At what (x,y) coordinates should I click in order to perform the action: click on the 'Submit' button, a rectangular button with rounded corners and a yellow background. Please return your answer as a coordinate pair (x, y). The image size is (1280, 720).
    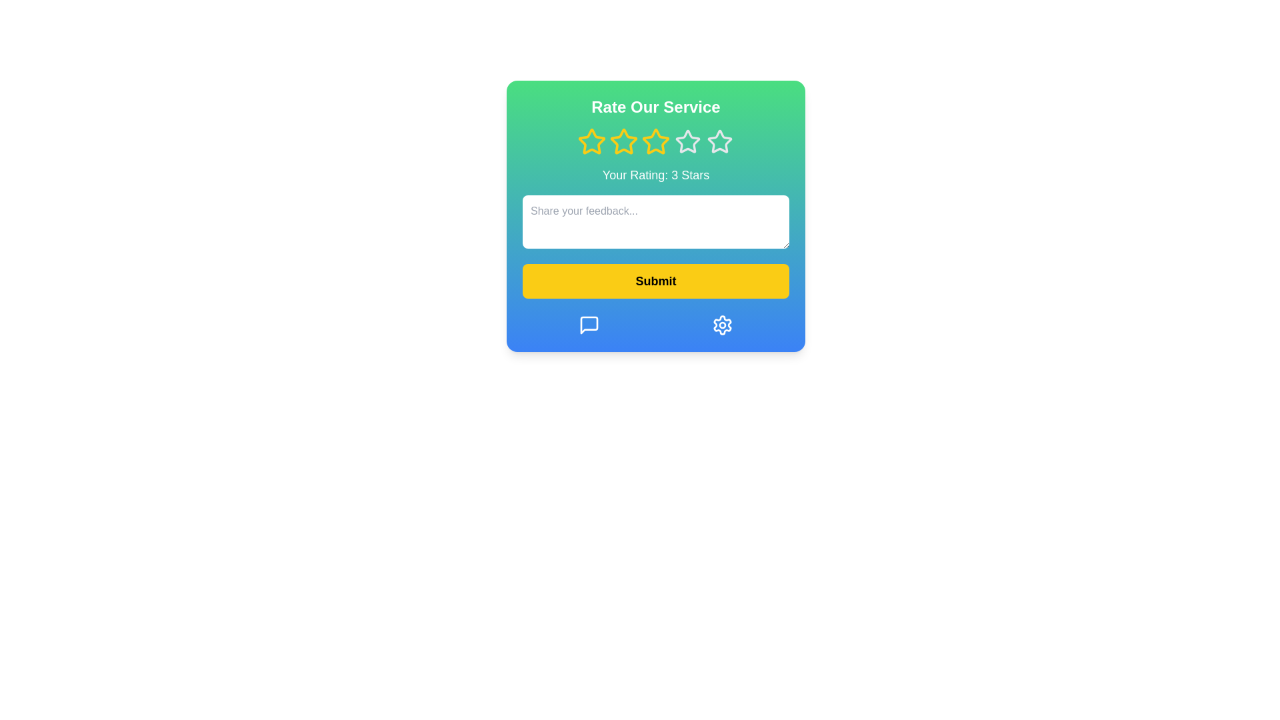
    Looking at the image, I should click on (655, 280).